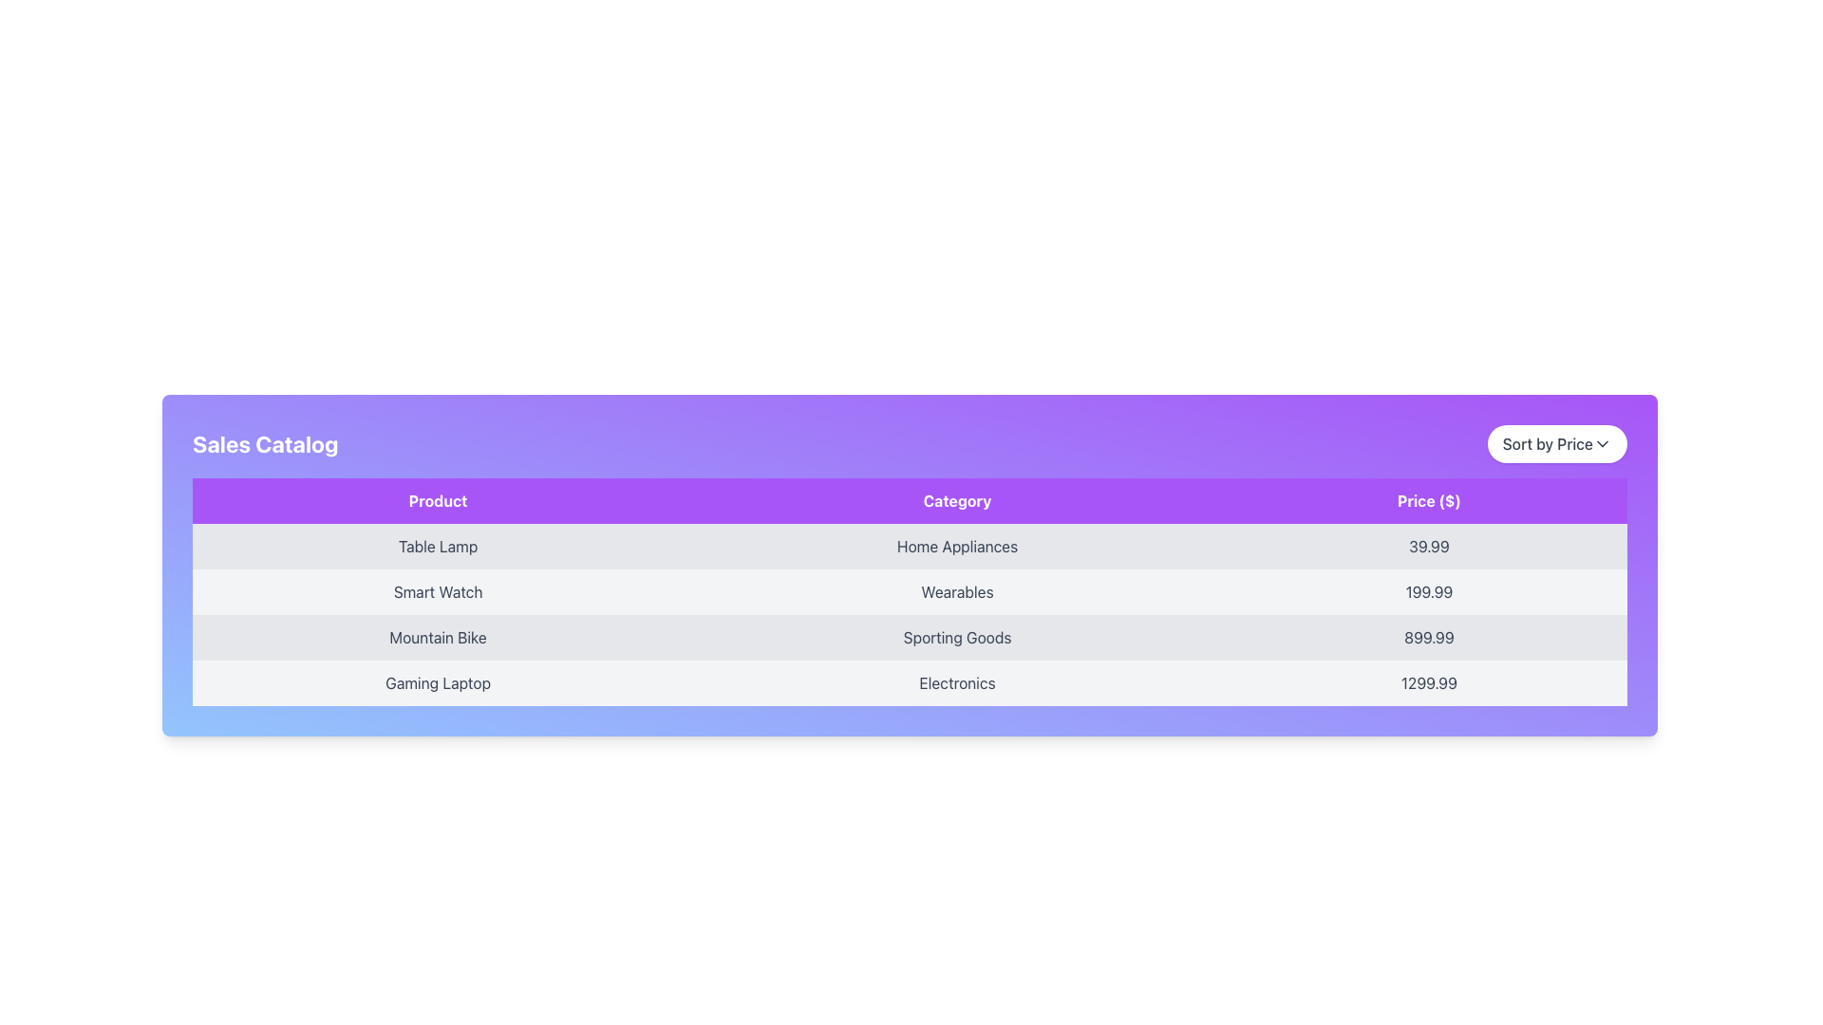  I want to click on the 'Sporting Goods' text label, which is centrally located in the second column of the third row under the 'Category' header in a tabular layout, so click(957, 637).